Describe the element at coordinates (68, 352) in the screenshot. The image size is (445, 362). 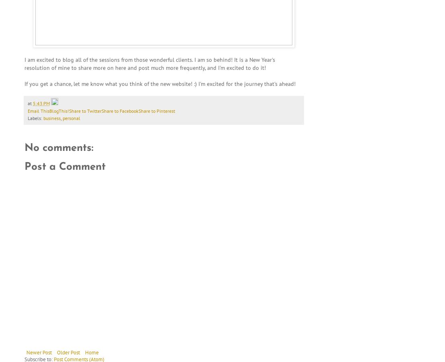
I see `'Older Post'` at that location.